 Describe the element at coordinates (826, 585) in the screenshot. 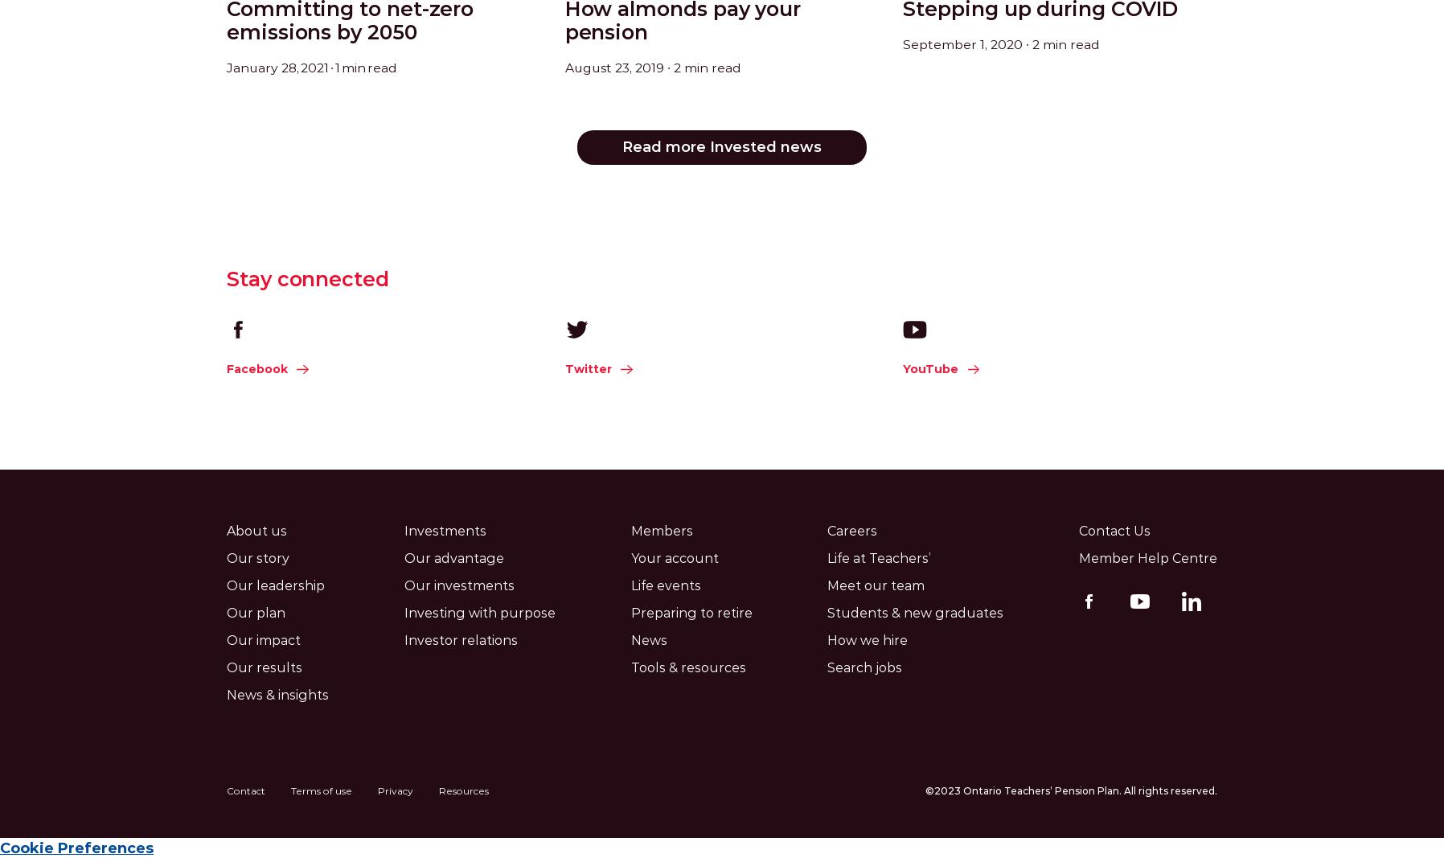

I see `'Meet our team'` at that location.